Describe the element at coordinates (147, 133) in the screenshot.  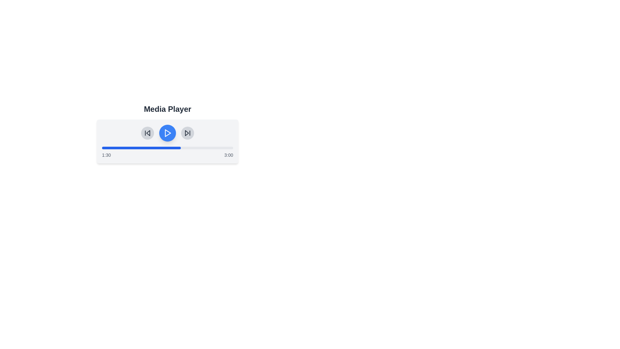
I see `the skip backward icon button located in the top-left area of the media control section to skip backward in the media playback` at that location.